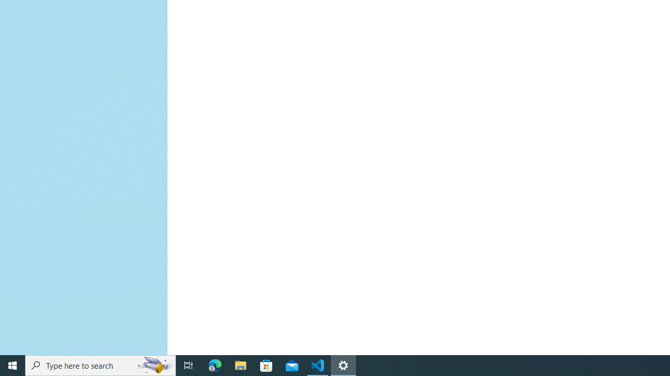  What do you see at coordinates (343, 365) in the screenshot?
I see `'Settings - 1 running window'` at bounding box center [343, 365].